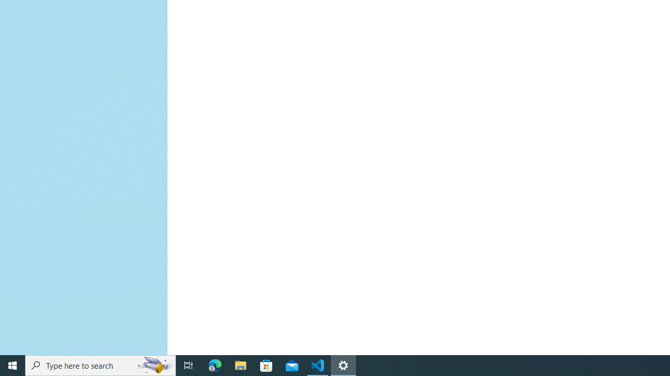  What do you see at coordinates (343, 365) in the screenshot?
I see `'Settings - 1 running window'` at bounding box center [343, 365].